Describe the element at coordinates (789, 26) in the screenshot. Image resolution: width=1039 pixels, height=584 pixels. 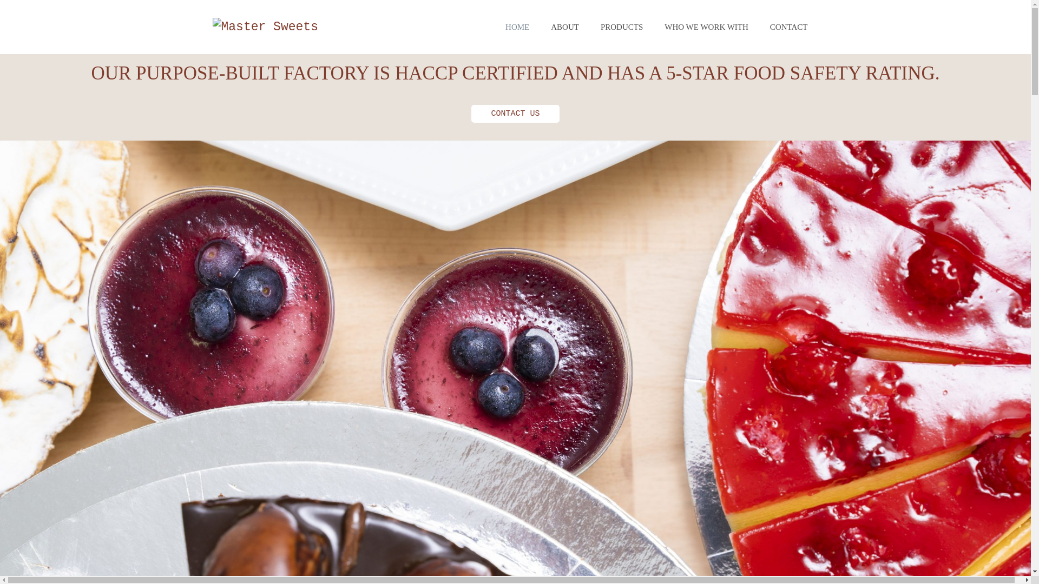
I see `'CONTACT'` at that location.